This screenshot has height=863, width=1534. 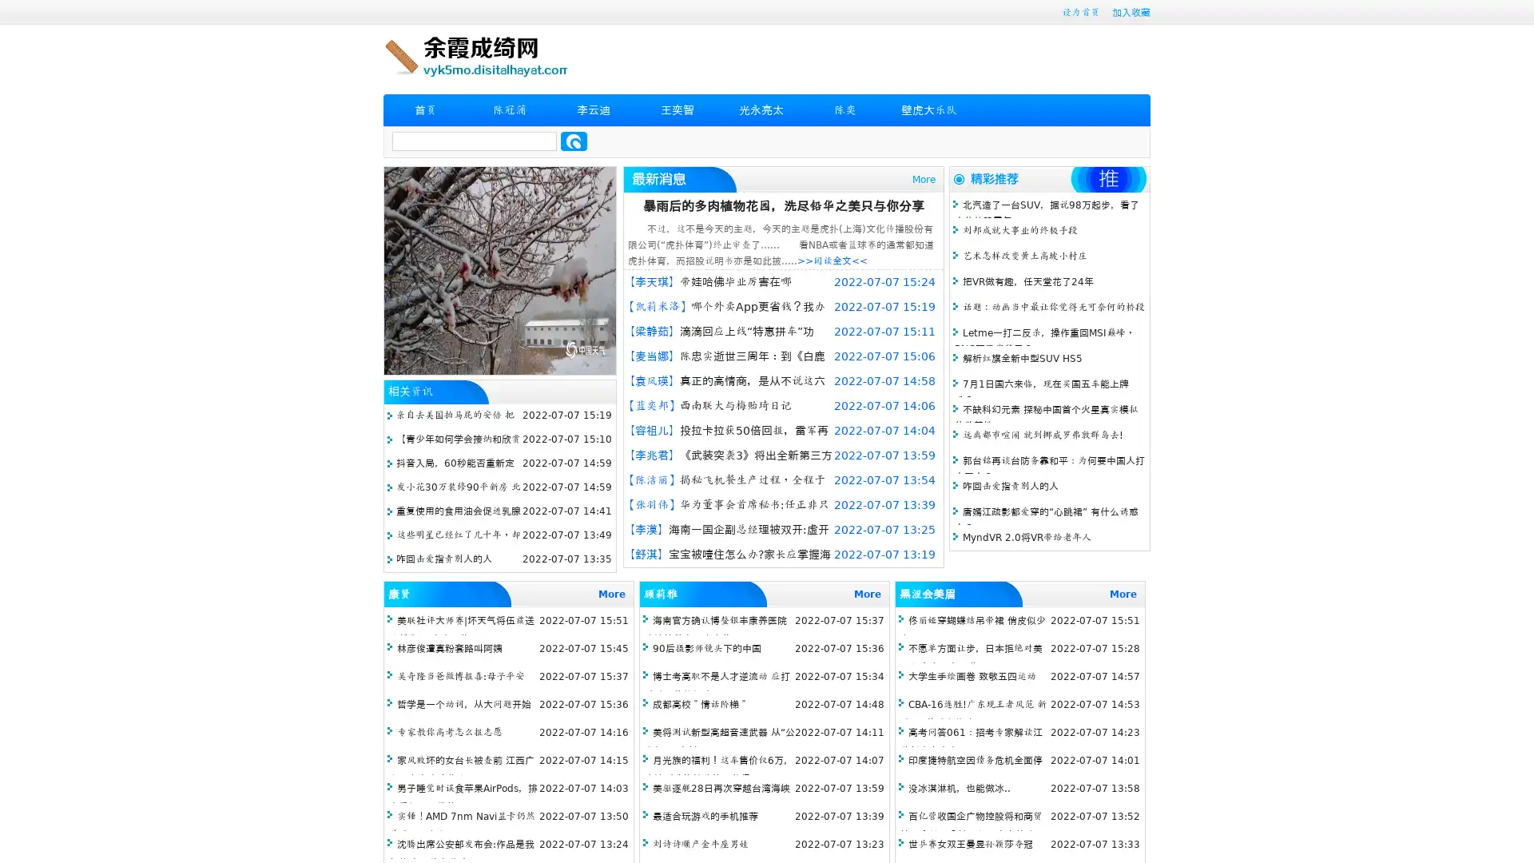 What do you see at coordinates (574, 141) in the screenshot?
I see `Search` at bounding box center [574, 141].